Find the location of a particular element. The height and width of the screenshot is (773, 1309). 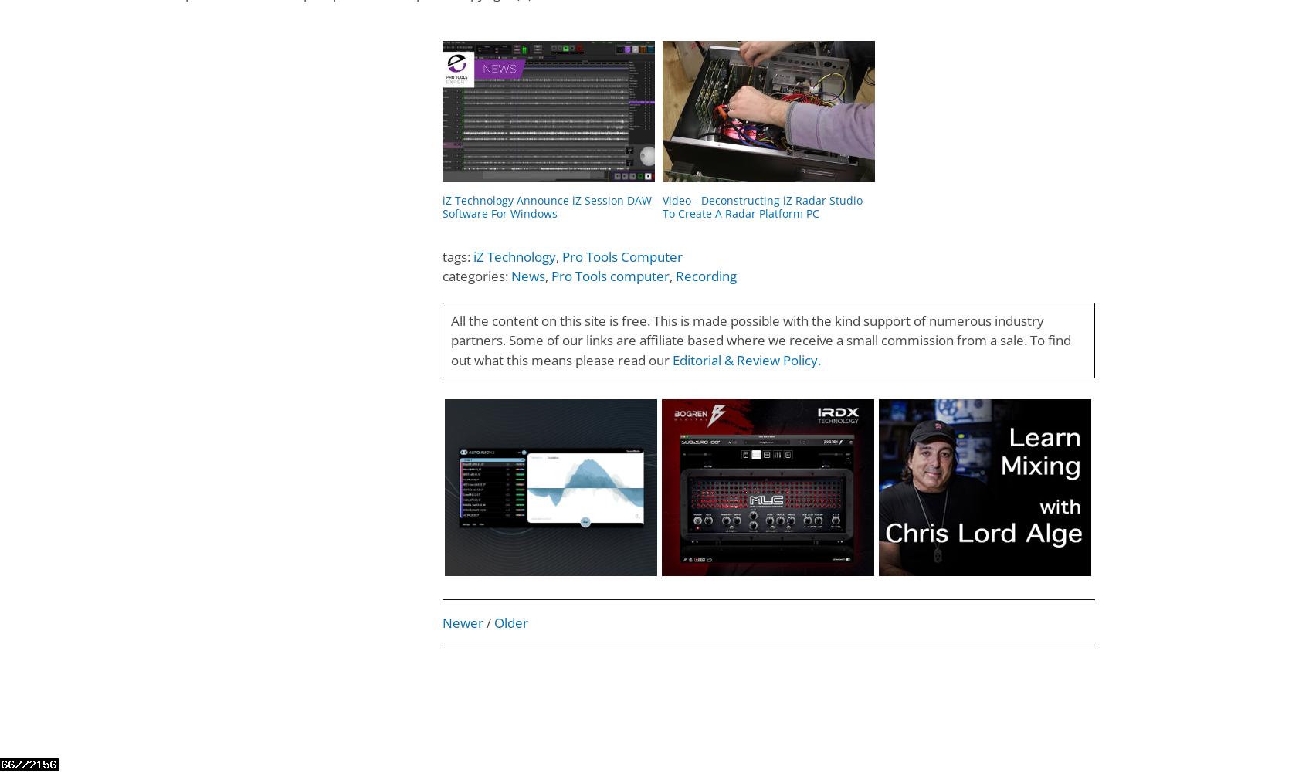

'Video - Deconstructing iZ Radar Studio To Create A Radar Platform PC' is located at coordinates (761, 205).